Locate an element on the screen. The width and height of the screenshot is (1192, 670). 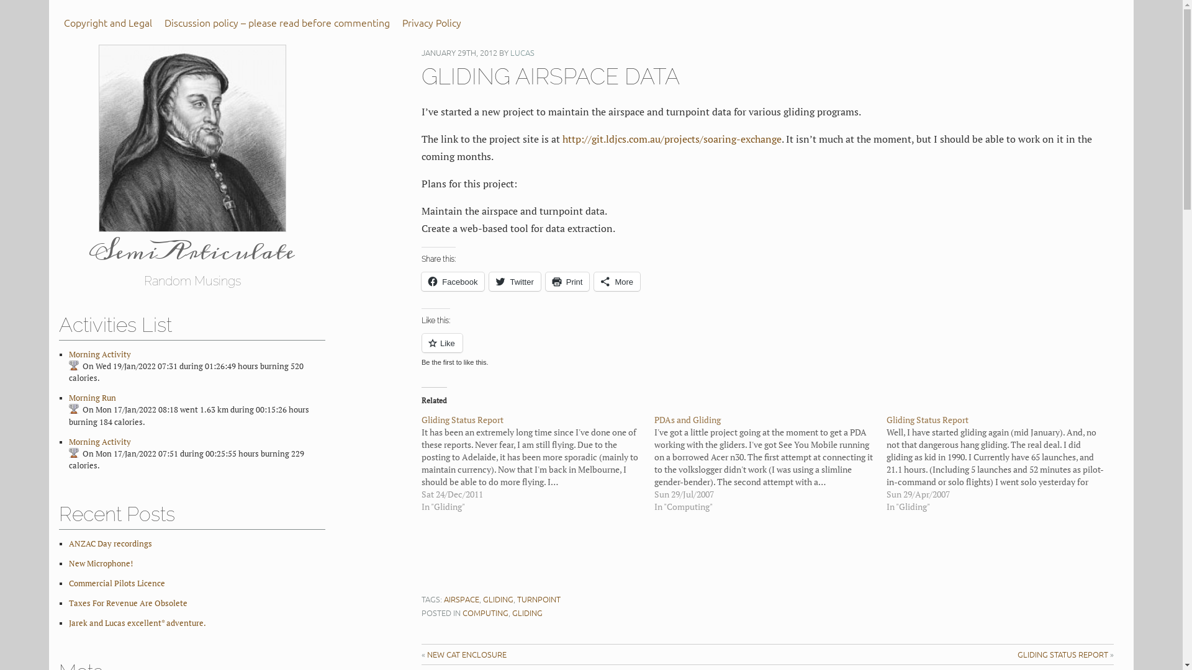
'Copyright and Legal' is located at coordinates (107, 22).